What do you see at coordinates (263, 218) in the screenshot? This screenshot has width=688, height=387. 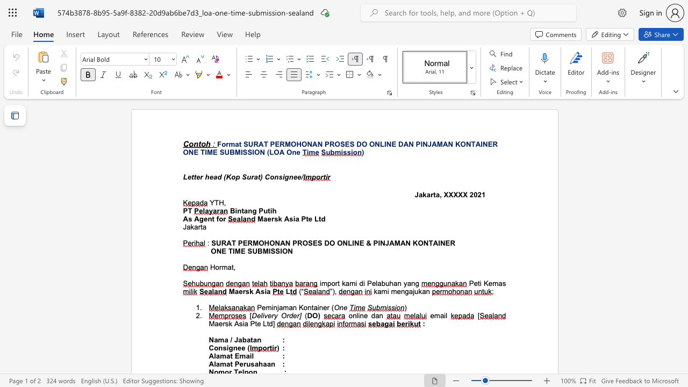 I see `the space between the continuous character "M" and "a" in the text` at bounding box center [263, 218].